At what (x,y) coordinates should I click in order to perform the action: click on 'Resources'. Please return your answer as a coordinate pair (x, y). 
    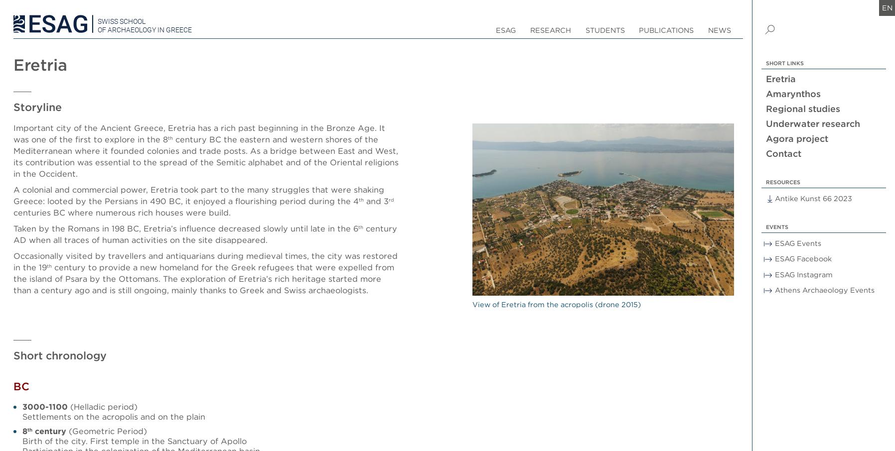
    Looking at the image, I should click on (782, 181).